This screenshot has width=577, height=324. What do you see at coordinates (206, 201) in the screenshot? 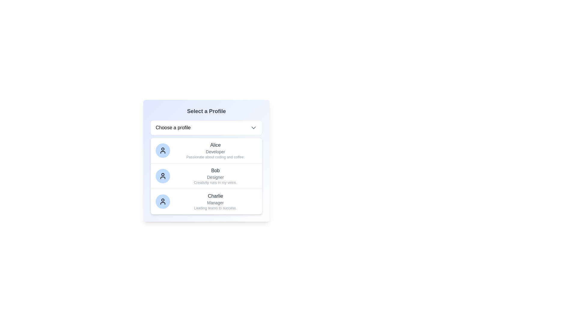
I see `the profile selection list item titled 'Charlie', which is the third entry in the list under 'Select a Profile'` at bounding box center [206, 201].